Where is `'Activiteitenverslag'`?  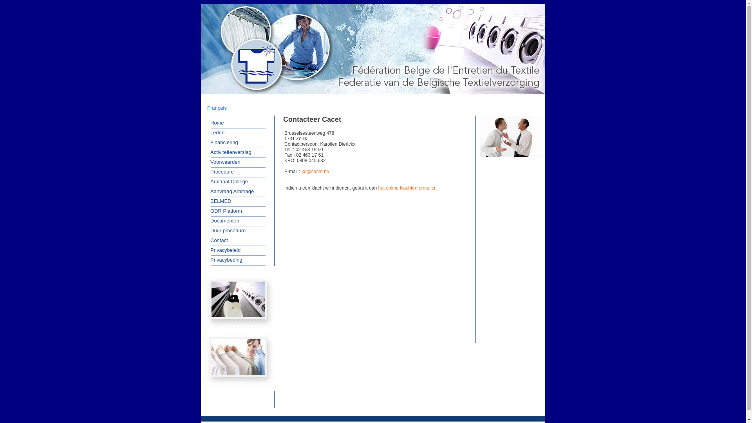
'Activiteitenverslag' is located at coordinates (228, 152).